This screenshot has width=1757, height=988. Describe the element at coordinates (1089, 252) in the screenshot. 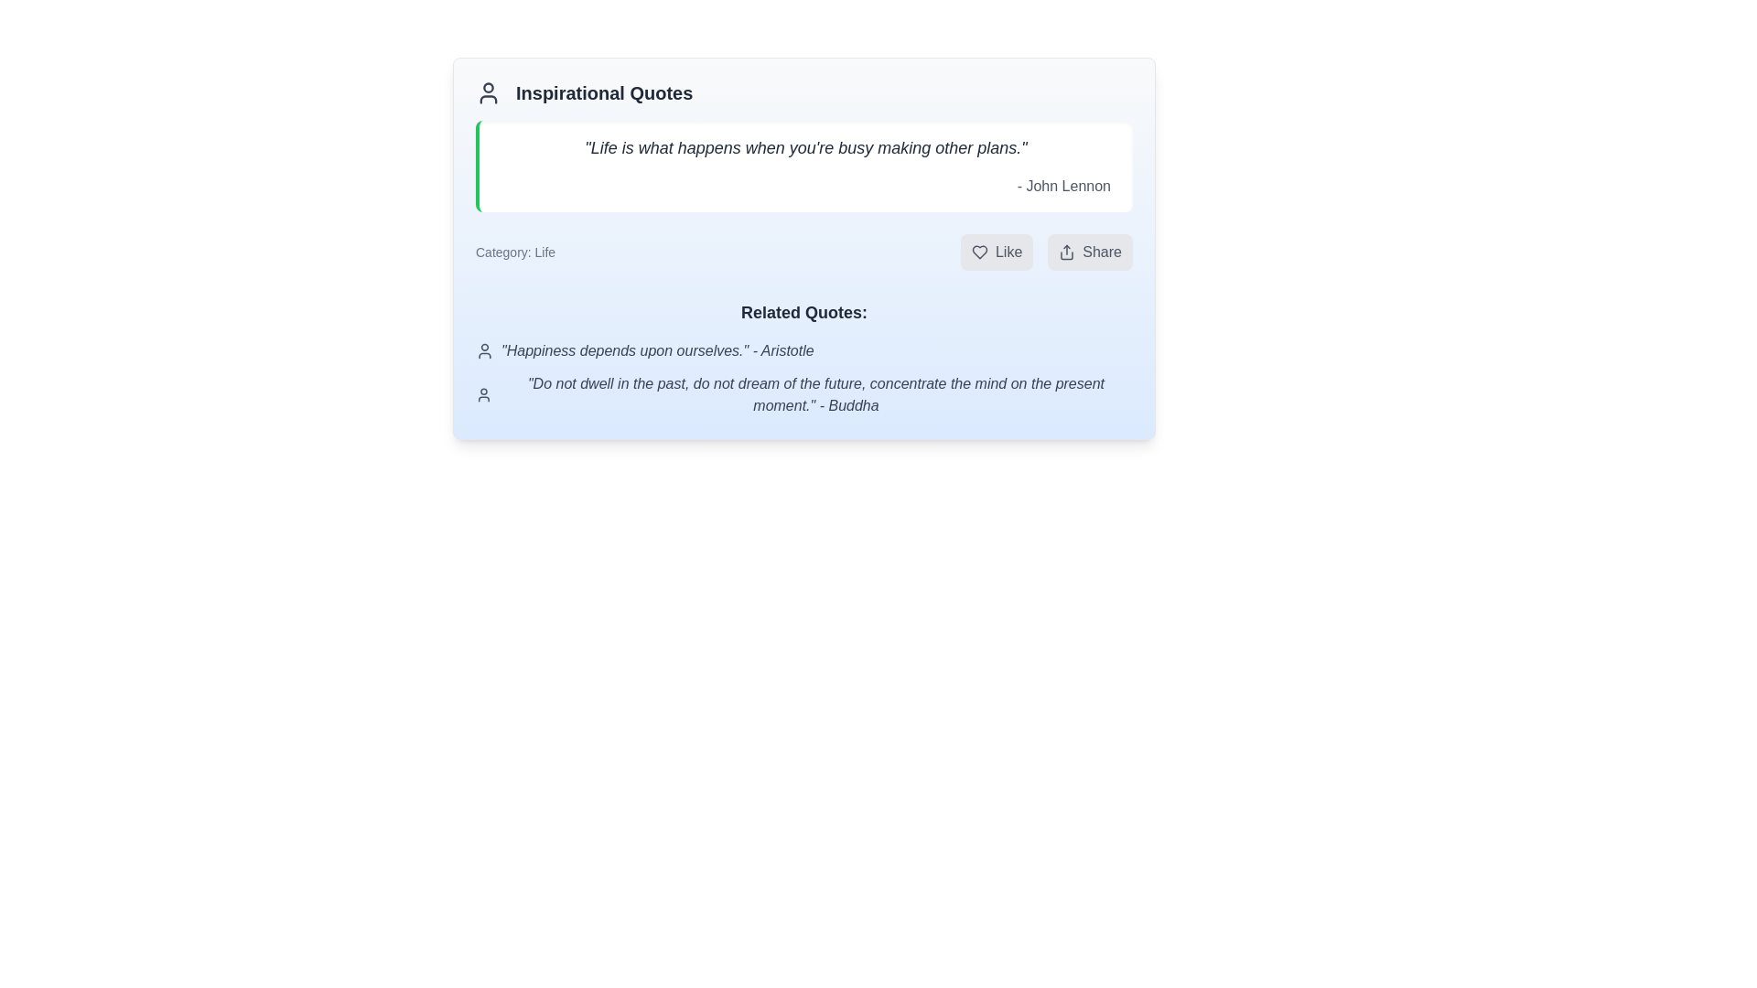

I see `the share button located at the bottom right of the card layout to initiate the sharing functionality for the content presented` at that location.